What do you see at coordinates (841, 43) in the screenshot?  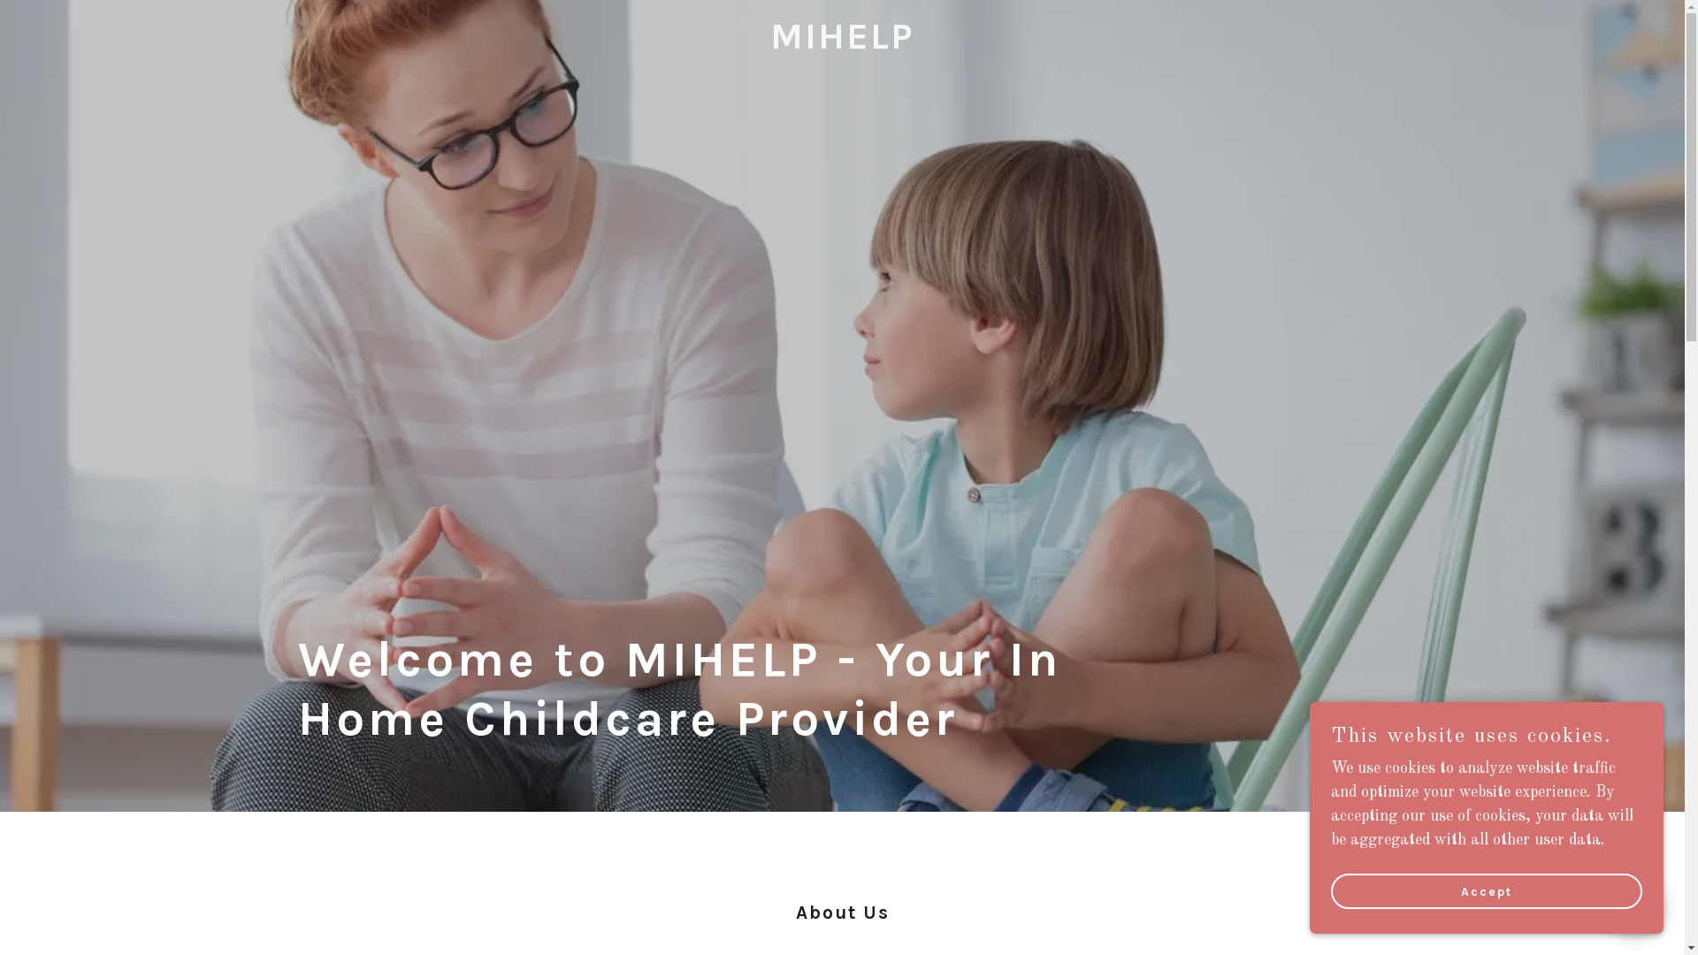 I see `'MIHELP'` at bounding box center [841, 43].